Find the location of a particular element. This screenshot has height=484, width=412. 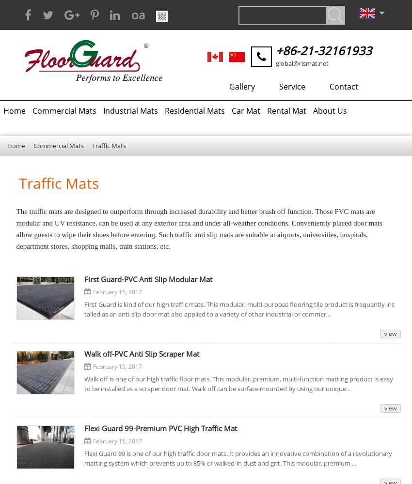

'Residential Mats' is located at coordinates (194, 110).